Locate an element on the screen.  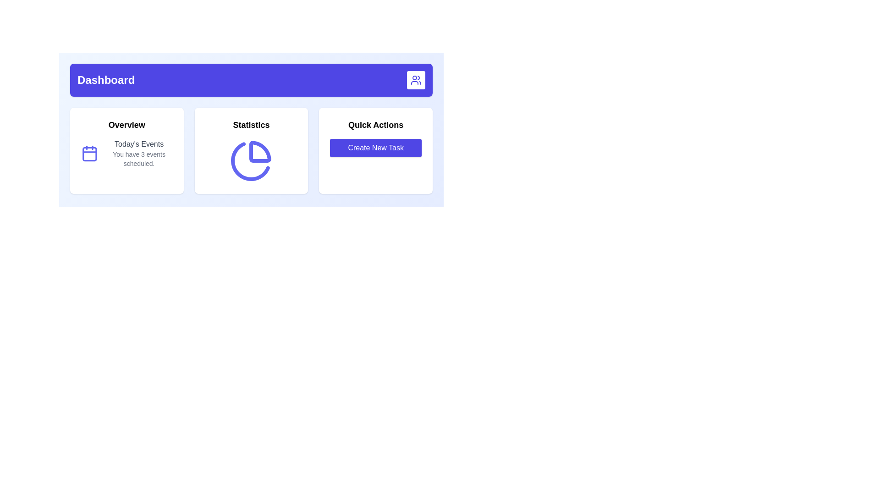
the decorative SVG rectangle element located under the 'Overview' title in the calendar icon on the dashboard interface, part of the 'Today's Events' card is located at coordinates (89, 154).